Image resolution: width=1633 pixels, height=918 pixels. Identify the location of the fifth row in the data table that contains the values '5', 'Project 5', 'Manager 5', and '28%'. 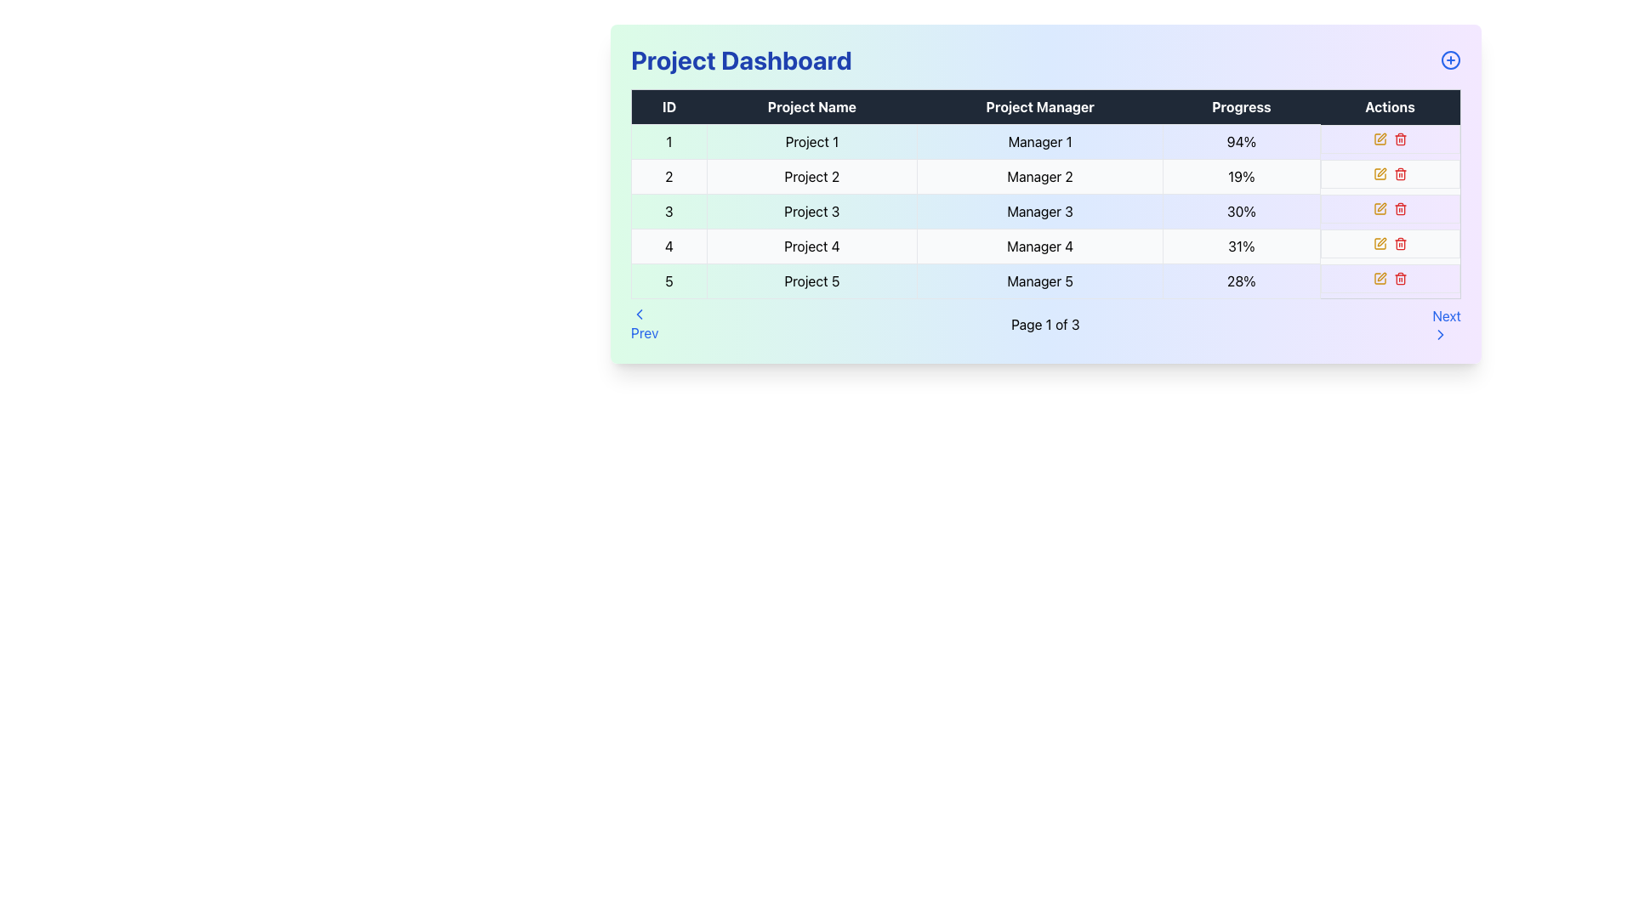
(1044, 280).